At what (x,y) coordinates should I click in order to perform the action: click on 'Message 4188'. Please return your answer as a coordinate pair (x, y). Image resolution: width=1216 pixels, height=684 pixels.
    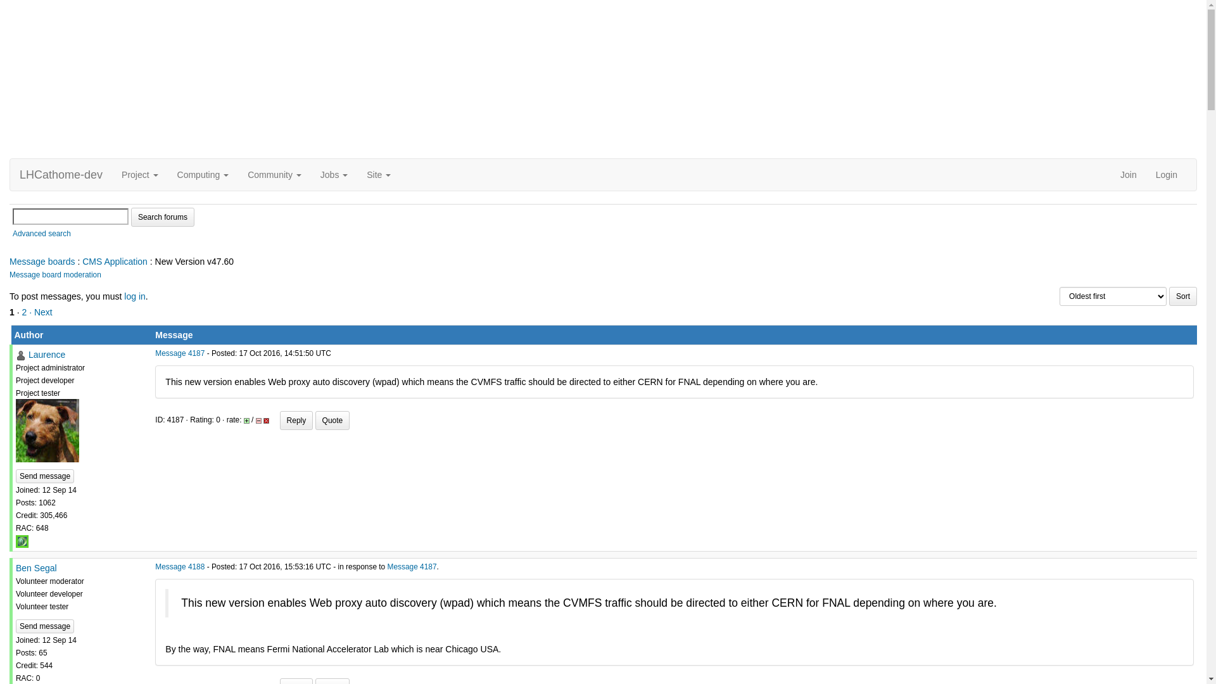
    Looking at the image, I should click on (179, 566).